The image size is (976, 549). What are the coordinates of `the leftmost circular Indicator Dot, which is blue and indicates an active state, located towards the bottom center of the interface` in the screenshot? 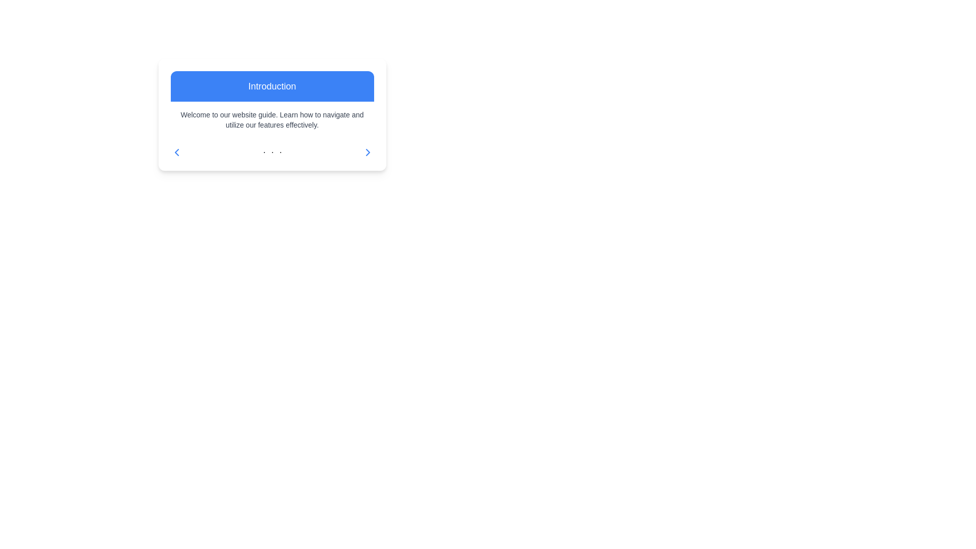 It's located at (264, 152).